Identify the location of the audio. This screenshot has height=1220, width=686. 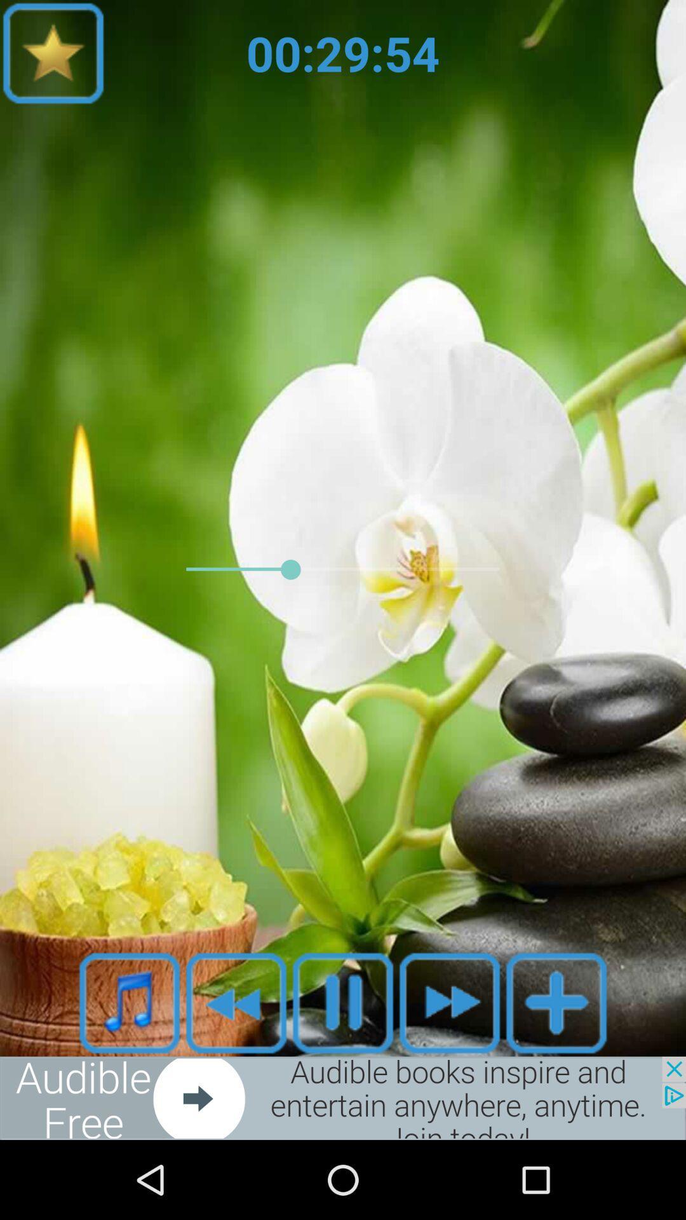
(343, 1002).